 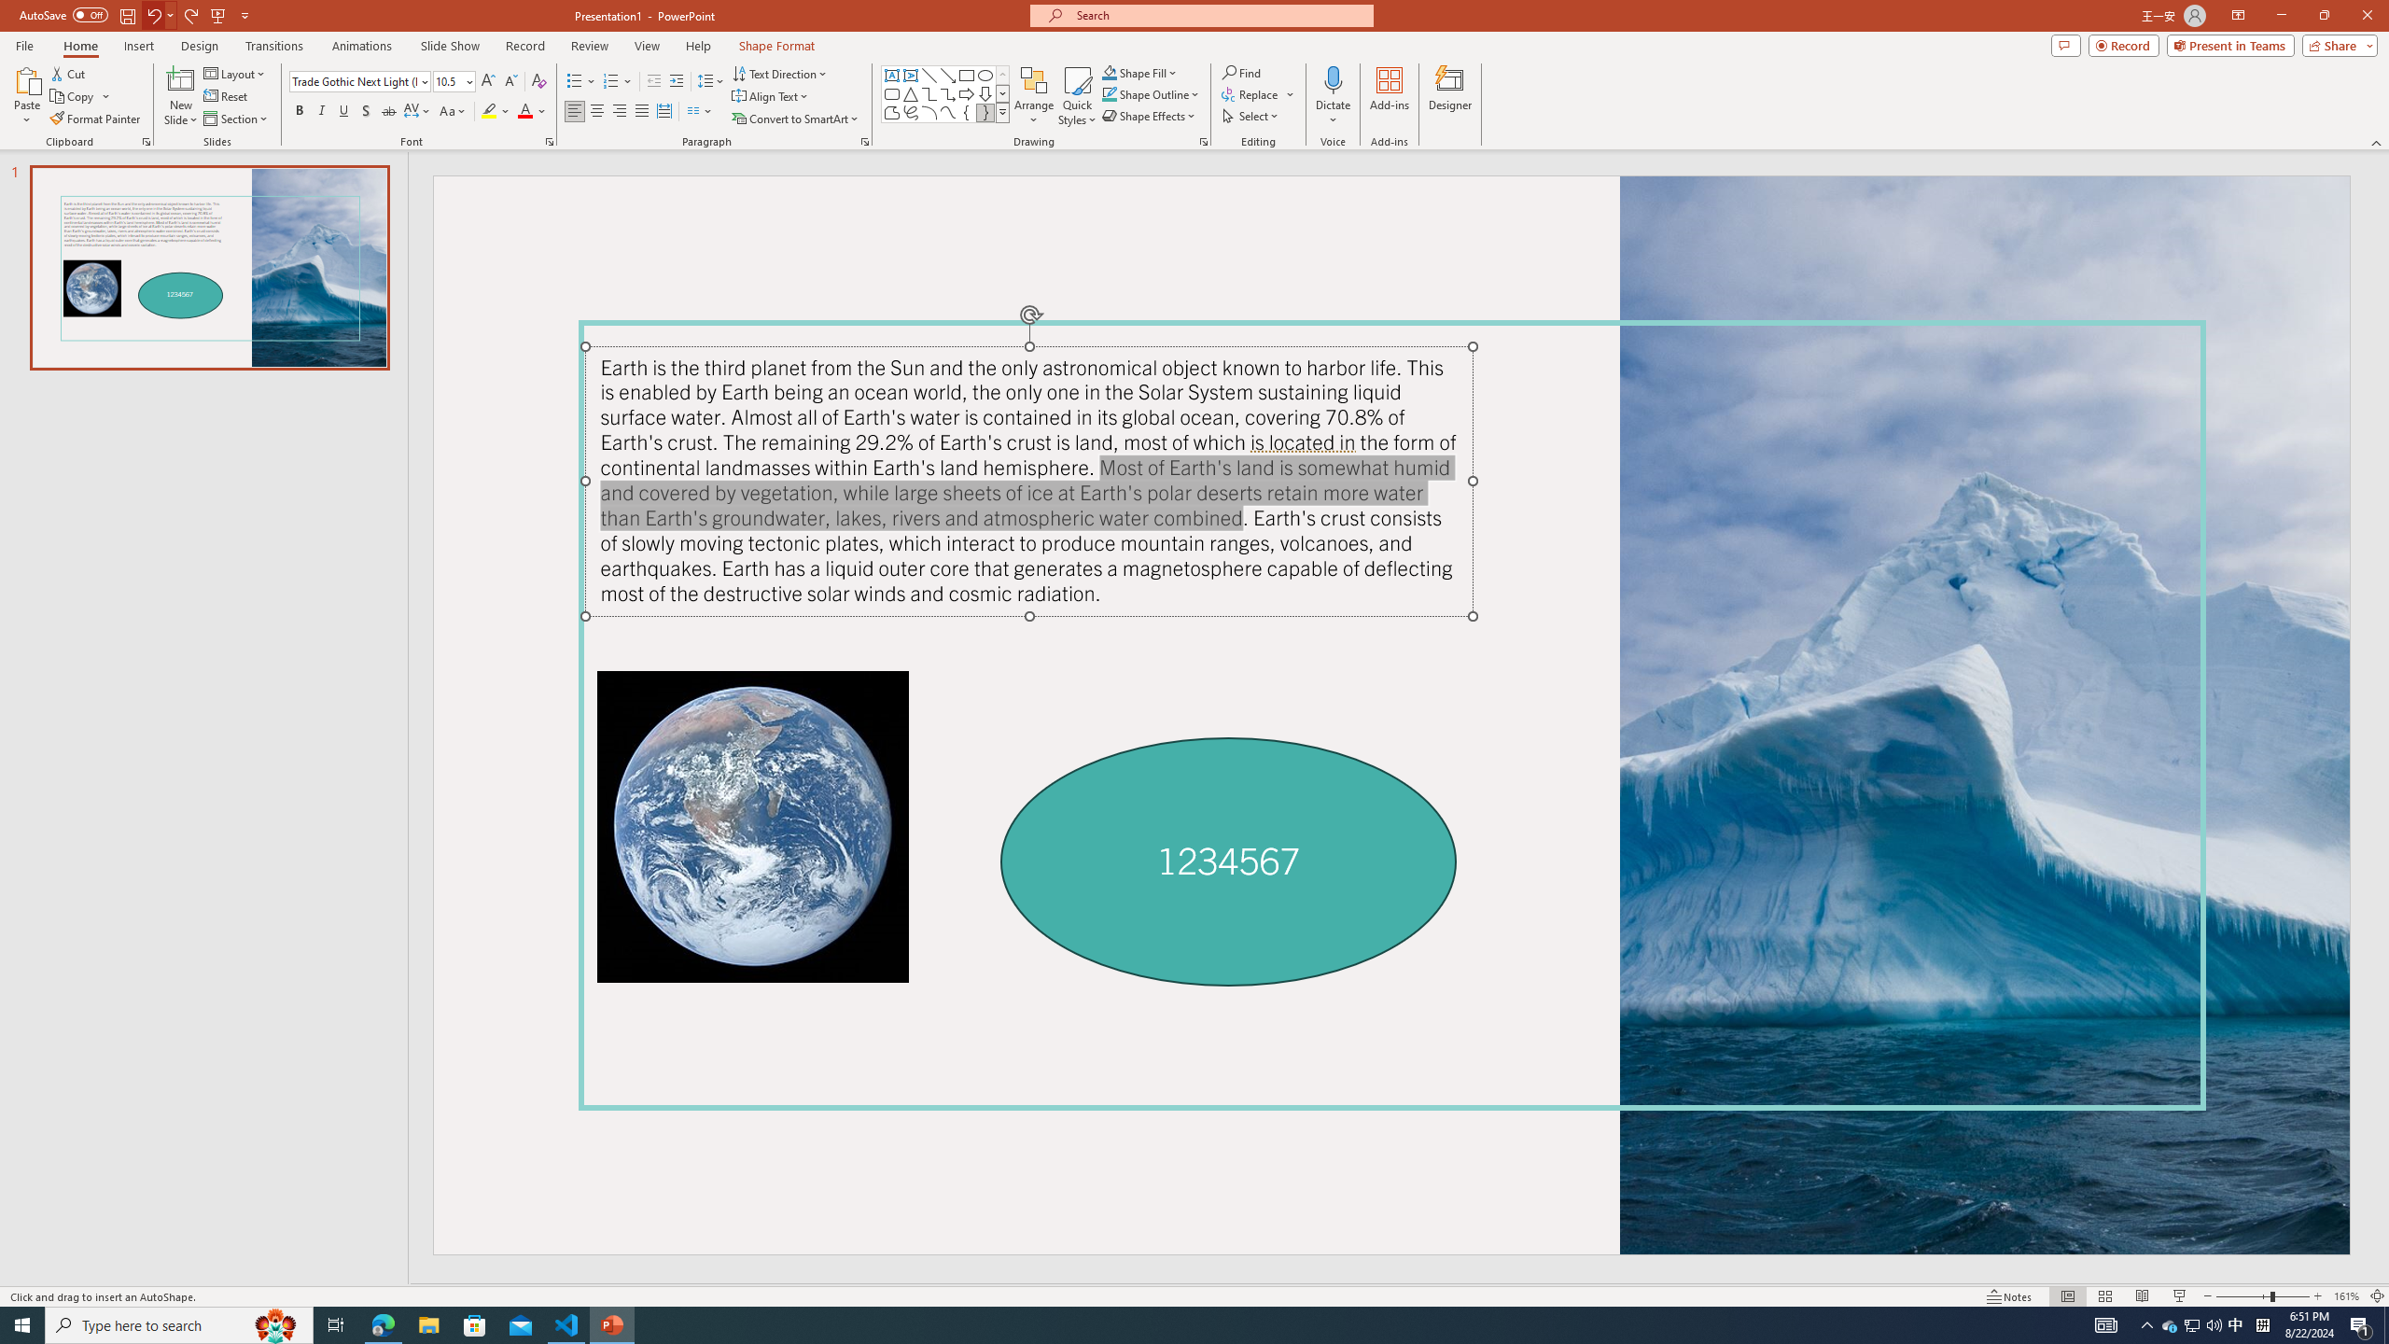 I want to click on 'Shadow', so click(x=365, y=110).